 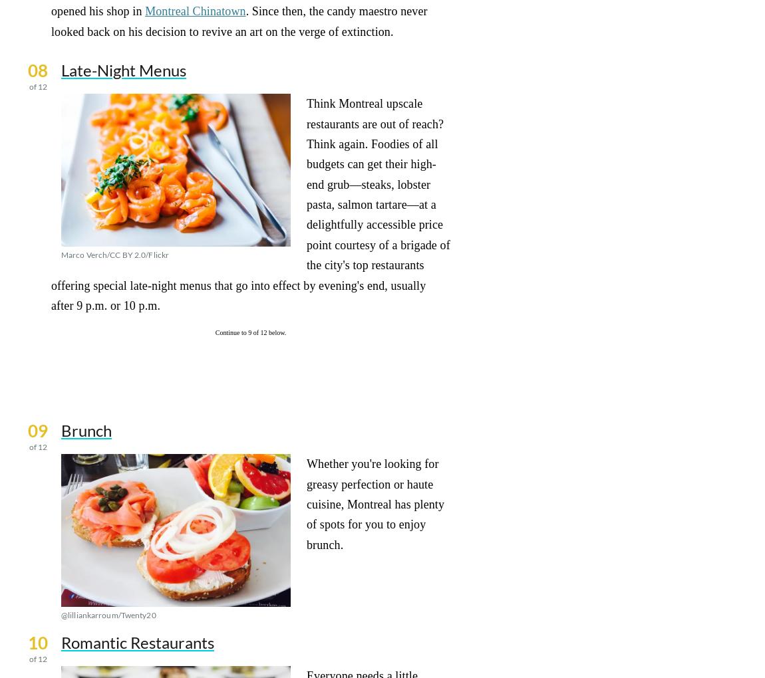 I want to click on 'Whether you're looking for greasy perfection or haute cuisine, Montreal has plenty of spots for you to enjoy brunch.', so click(x=307, y=504).